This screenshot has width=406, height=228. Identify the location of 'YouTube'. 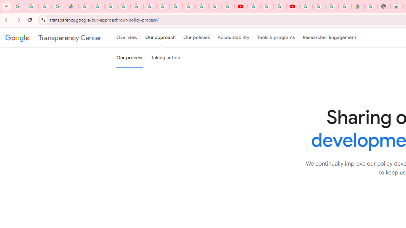
(254, 6).